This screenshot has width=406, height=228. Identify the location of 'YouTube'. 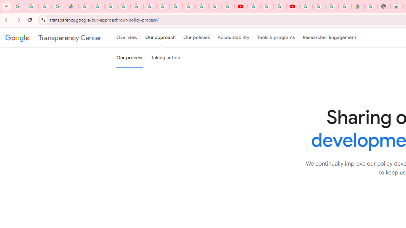
(254, 6).